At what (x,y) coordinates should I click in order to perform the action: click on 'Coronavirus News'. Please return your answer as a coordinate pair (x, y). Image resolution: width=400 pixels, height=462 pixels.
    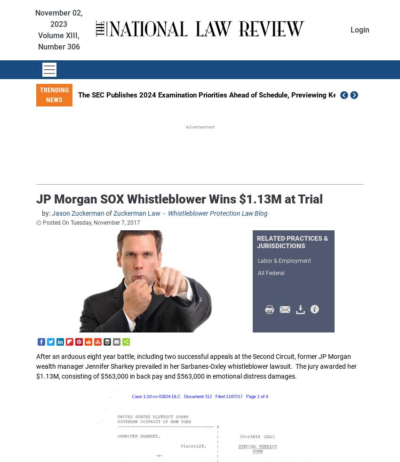
    Looking at the image, I should click on (200, 357).